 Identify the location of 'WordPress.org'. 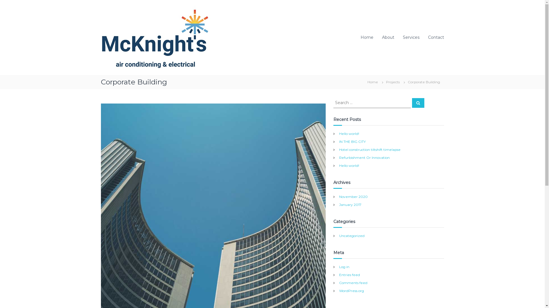
(351, 291).